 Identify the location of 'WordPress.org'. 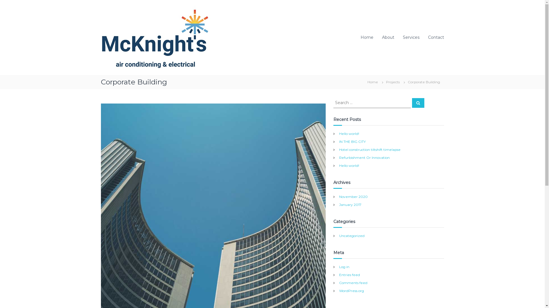
(351, 291).